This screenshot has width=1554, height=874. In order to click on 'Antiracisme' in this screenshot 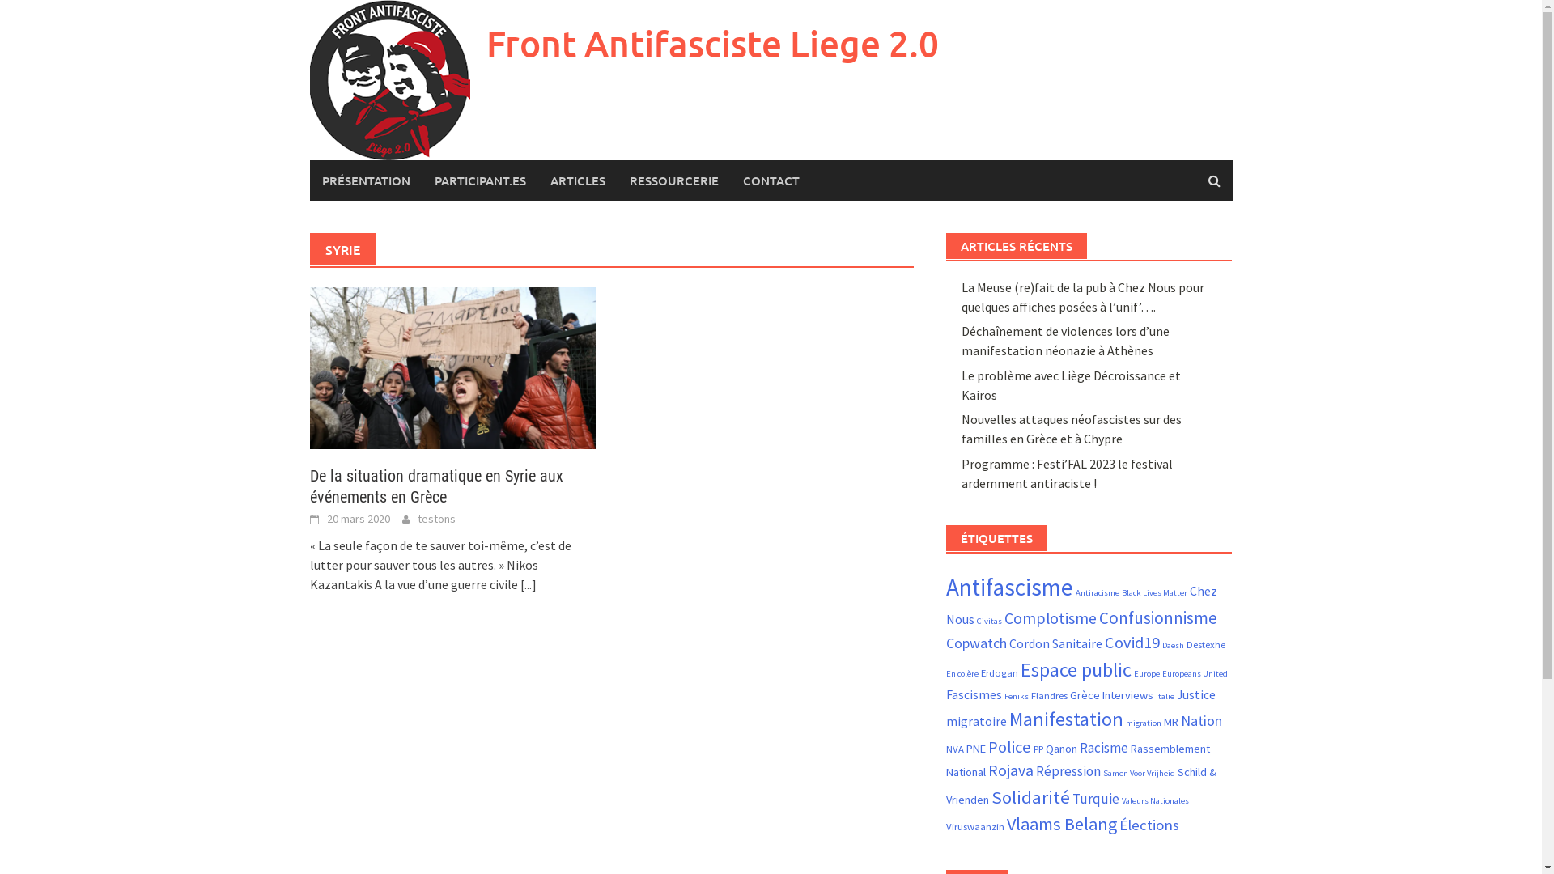, I will do `click(1098, 592)`.